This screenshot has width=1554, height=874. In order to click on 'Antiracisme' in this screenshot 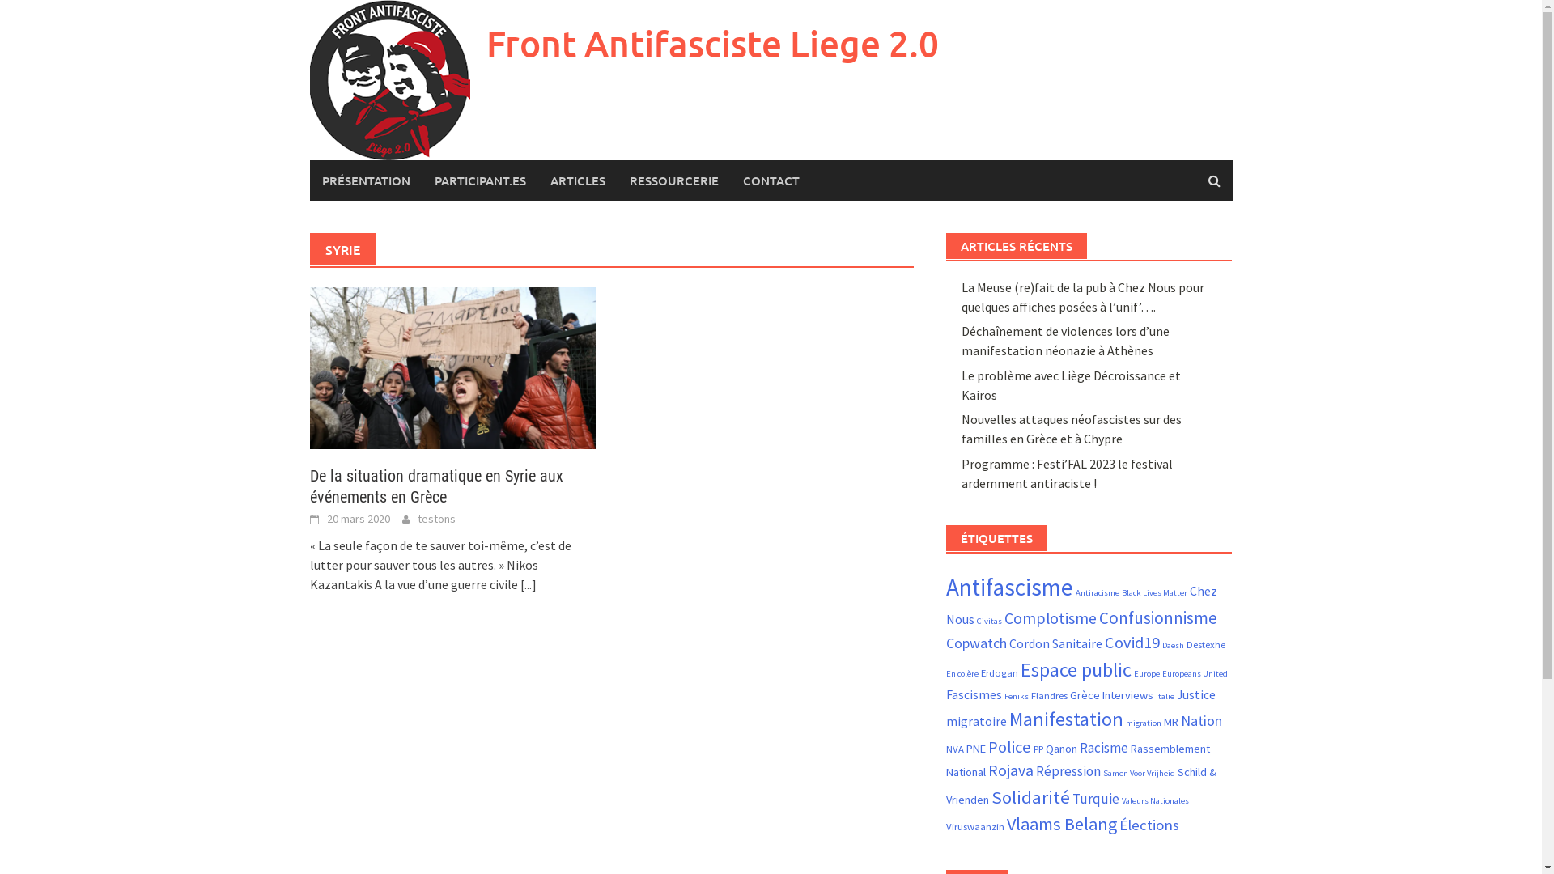, I will do `click(1098, 592)`.